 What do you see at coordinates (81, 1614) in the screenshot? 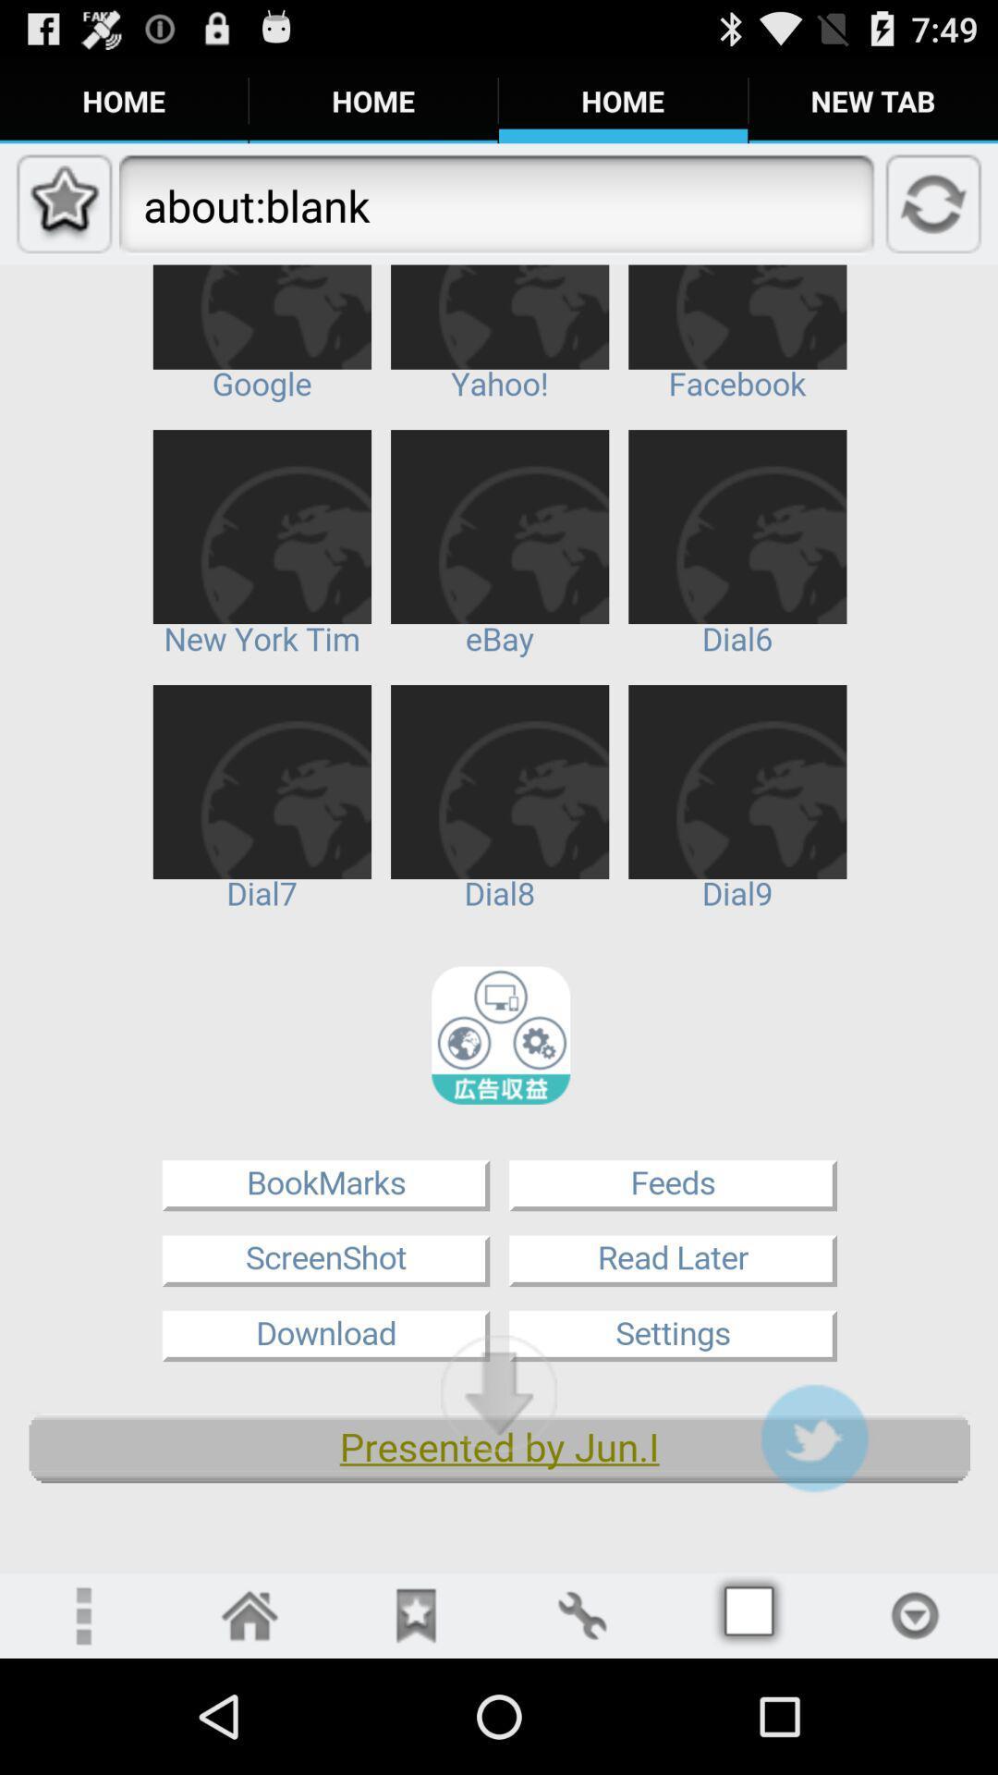
I see `open more settings` at bounding box center [81, 1614].